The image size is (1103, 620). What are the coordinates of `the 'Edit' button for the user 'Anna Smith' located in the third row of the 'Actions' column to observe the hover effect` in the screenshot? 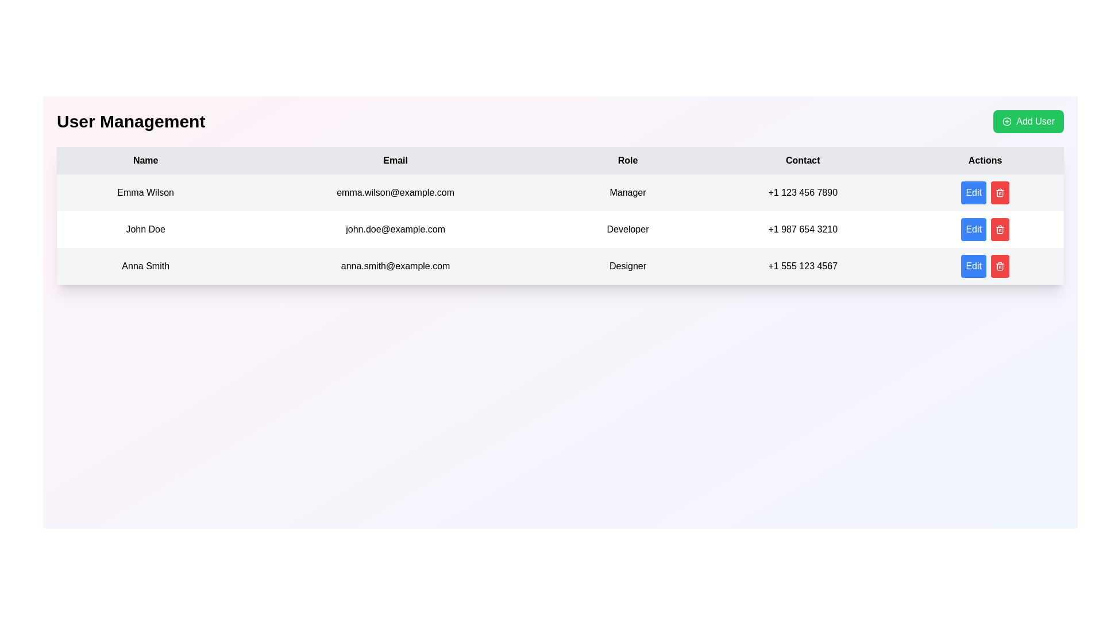 It's located at (973, 266).